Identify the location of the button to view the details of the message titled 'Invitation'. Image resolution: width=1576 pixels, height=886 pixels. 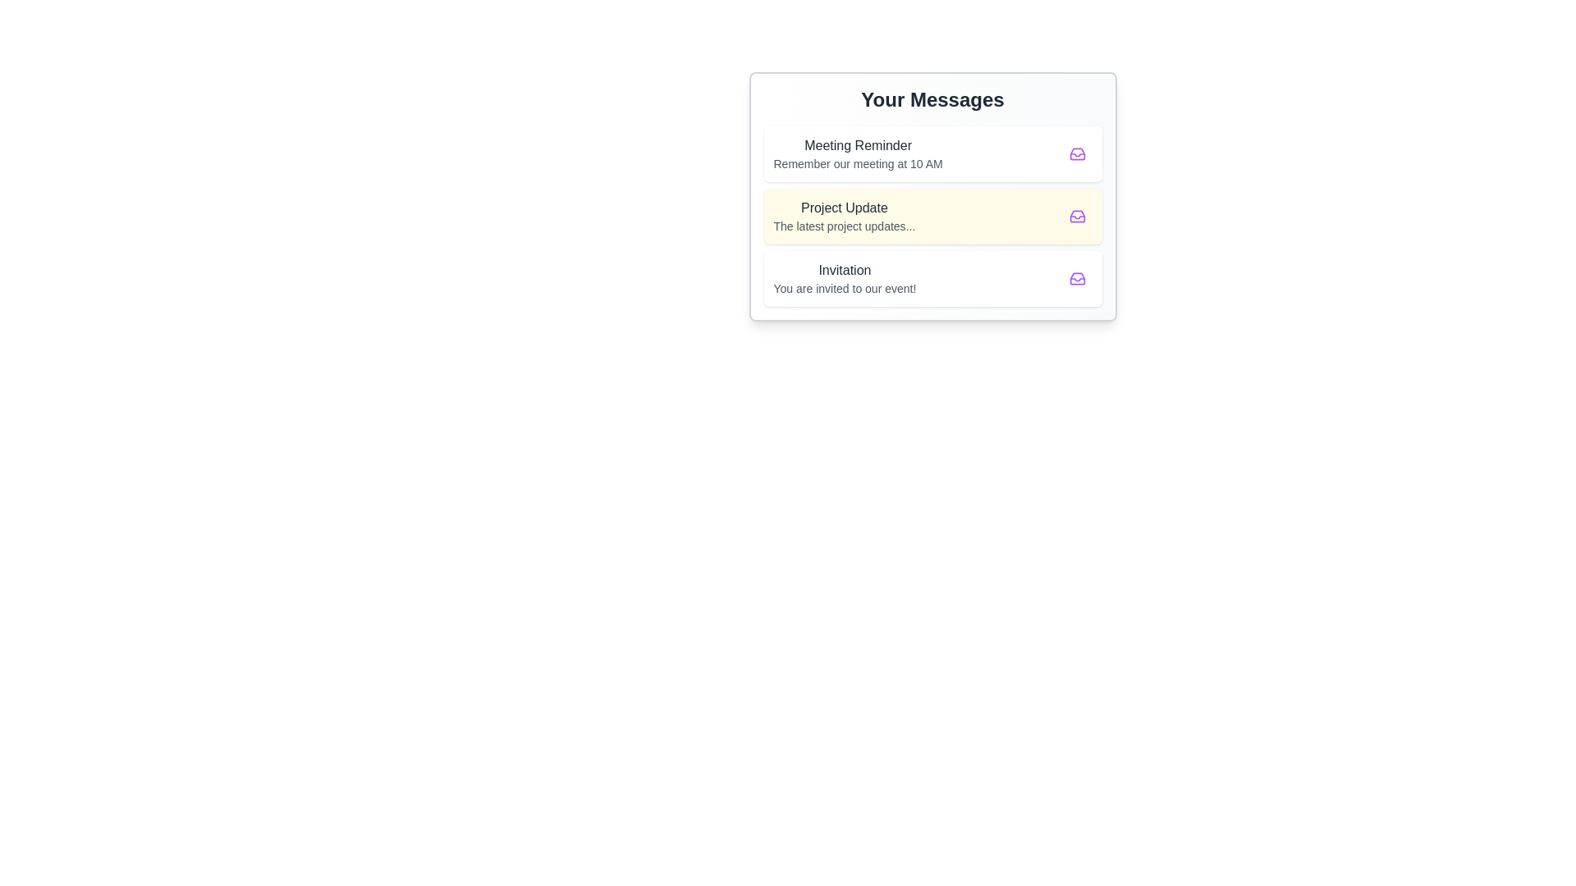
(1077, 277).